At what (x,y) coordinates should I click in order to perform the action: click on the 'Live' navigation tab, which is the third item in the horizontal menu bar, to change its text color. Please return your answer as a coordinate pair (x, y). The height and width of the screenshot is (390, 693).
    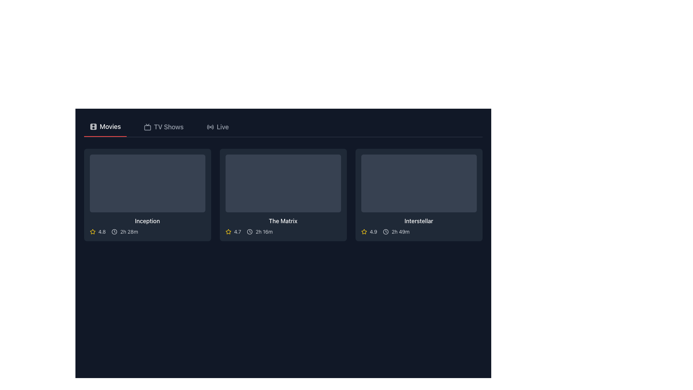
    Looking at the image, I should click on (217, 126).